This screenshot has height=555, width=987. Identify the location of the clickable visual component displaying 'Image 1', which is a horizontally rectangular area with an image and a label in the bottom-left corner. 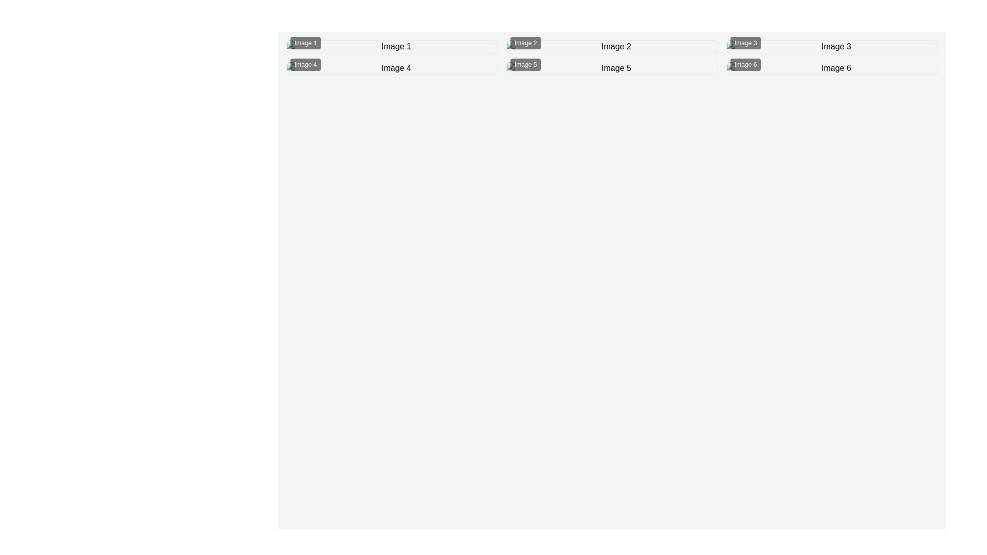
(392, 47).